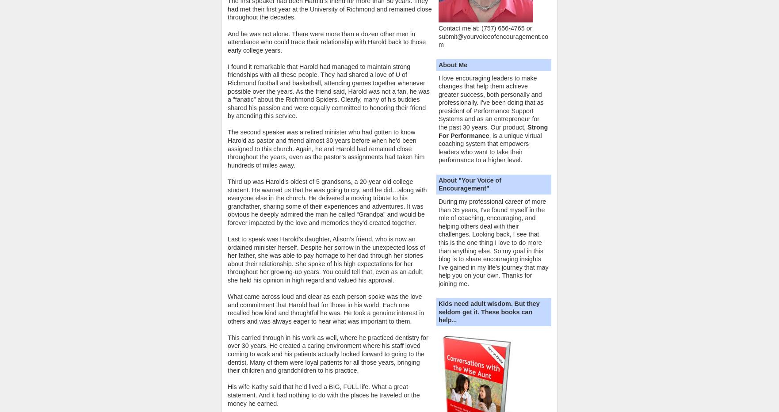 The width and height of the screenshot is (779, 412). Describe the element at coordinates (327, 354) in the screenshot. I see `'This carried through in his work as well, where he practiced dentistry for over 30 years. He created a caring environment where his staff loved coming to work and his patients actually looked forward to going to the dentist. Many of them were loyal patients for all those years, bringing their children and grandchildren to his practice.'` at that location.